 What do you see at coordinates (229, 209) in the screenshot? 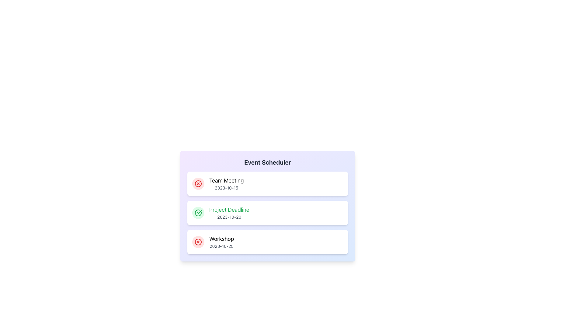
I see `the 'Project Deadline' text label, which is displayed in a large, green font and serves as an important informational label within a card layout` at bounding box center [229, 209].